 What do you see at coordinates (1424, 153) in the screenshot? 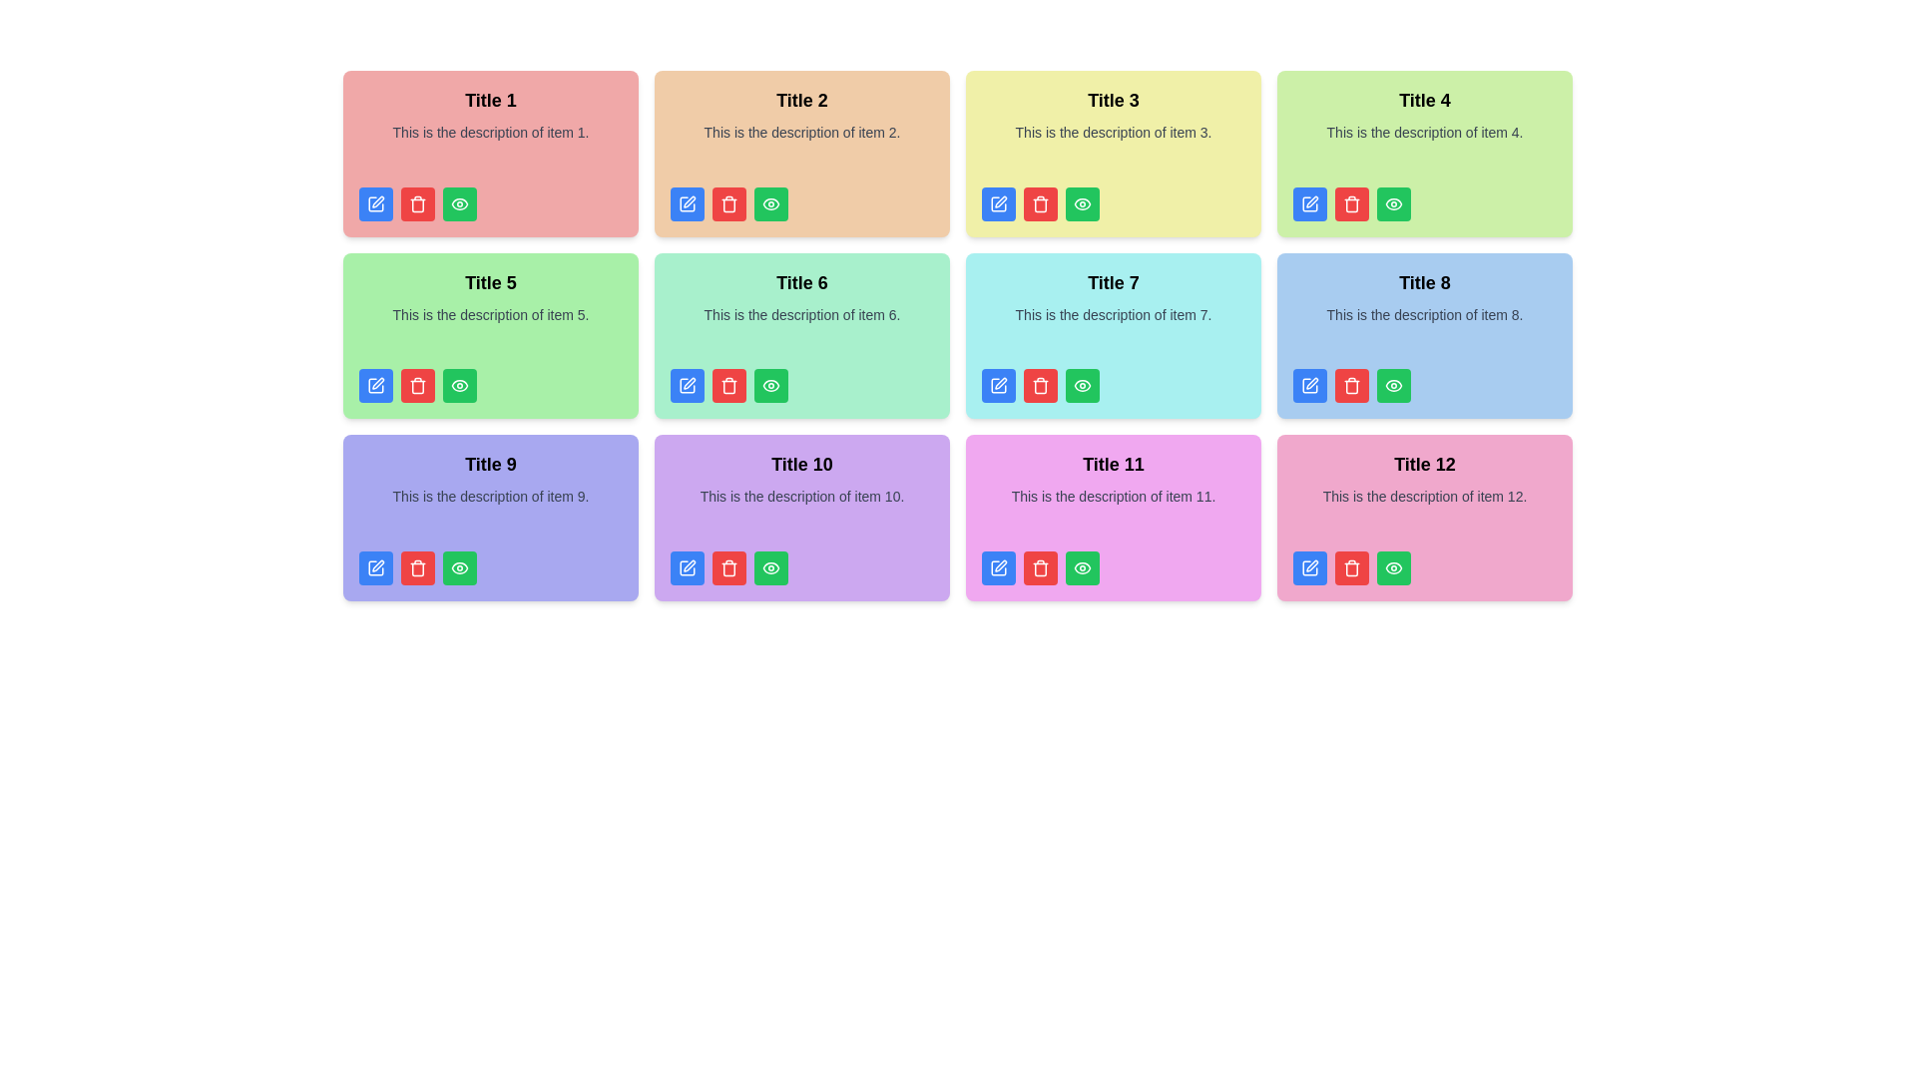
I see `the edit button of the Information card located in the first row, fourth column of the grid layout, which allows for modifying content` at bounding box center [1424, 153].